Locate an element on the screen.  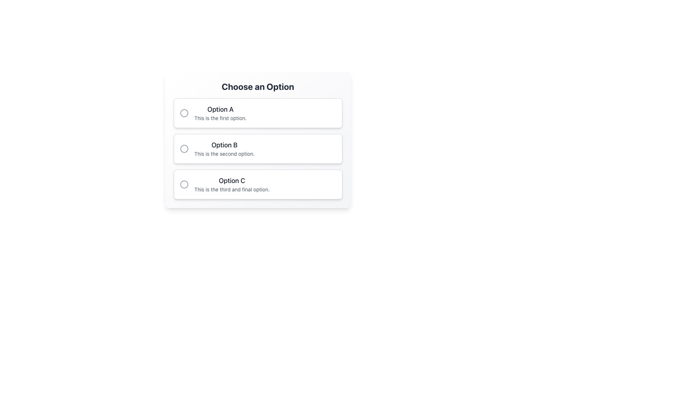
the selectable option row labeled 'Option C', which has a circular icon on the left and a description below it, to trigger hover effects is located at coordinates (258, 184).